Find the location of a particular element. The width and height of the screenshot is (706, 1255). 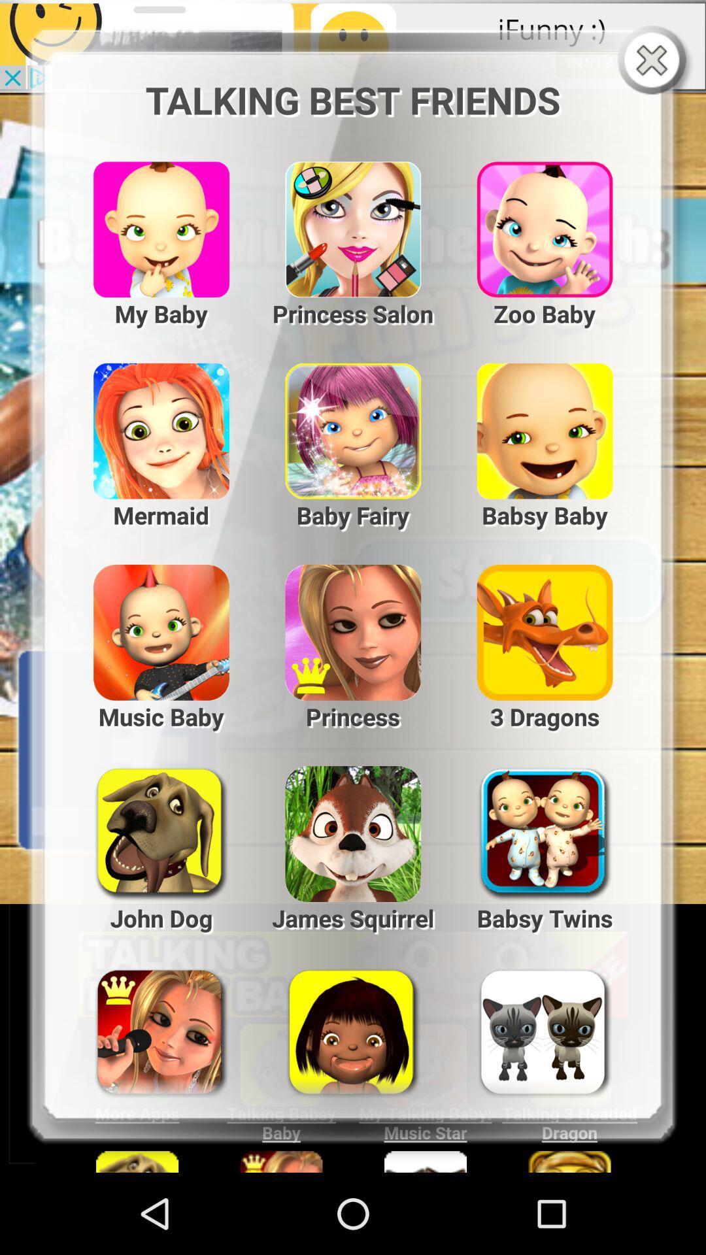

window close is located at coordinates (654, 61).